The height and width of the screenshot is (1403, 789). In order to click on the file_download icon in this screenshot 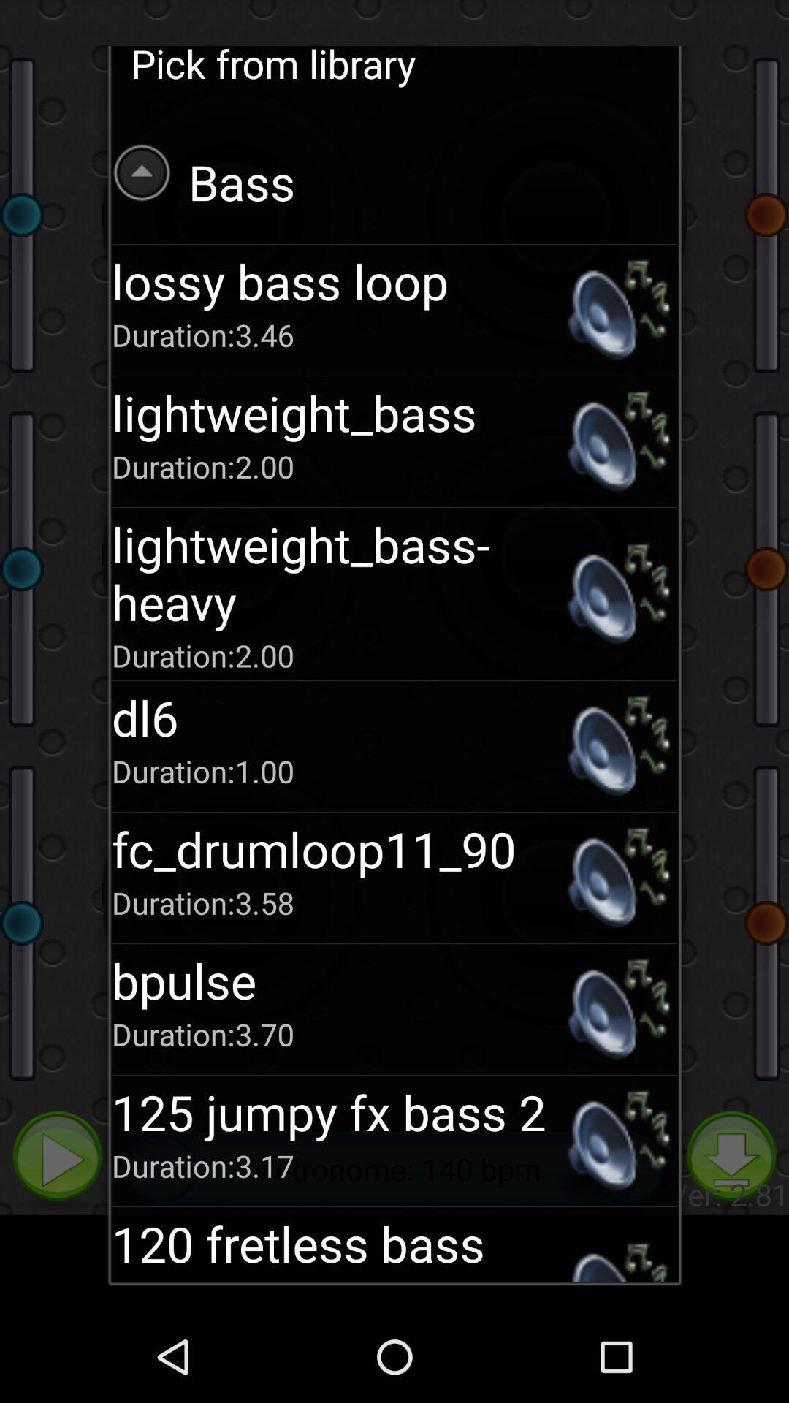, I will do `click(731, 1238)`.